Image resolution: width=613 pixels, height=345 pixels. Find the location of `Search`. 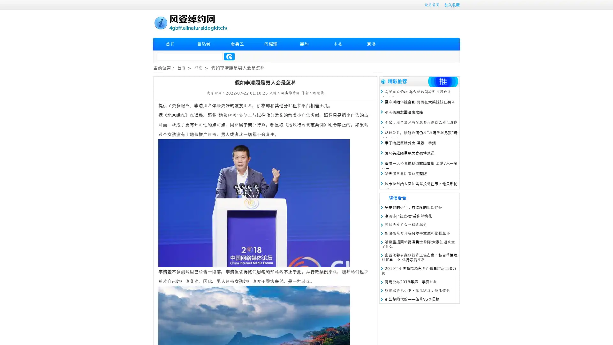

Search is located at coordinates (229, 56).